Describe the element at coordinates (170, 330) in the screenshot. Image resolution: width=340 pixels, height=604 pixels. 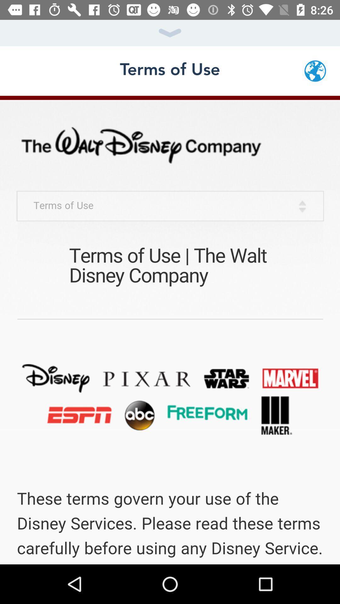
I see `screen page` at that location.